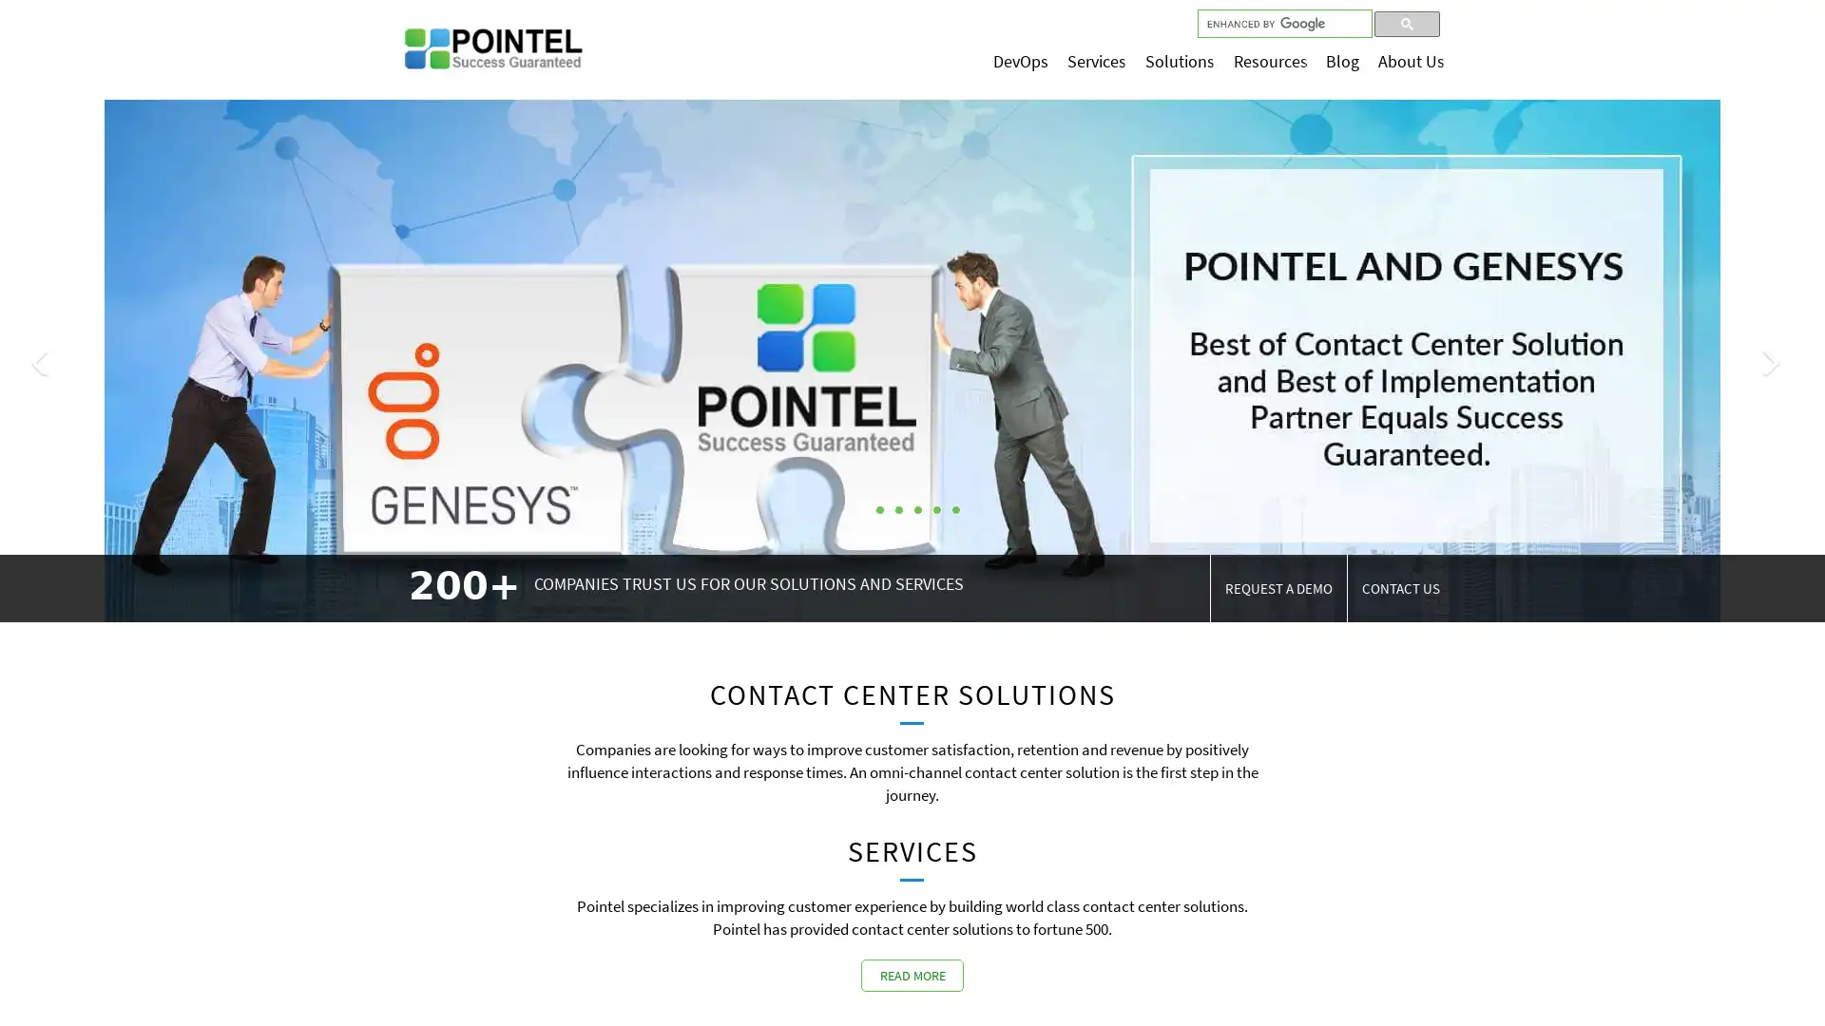 This screenshot has width=1825, height=1026. Describe the element at coordinates (1407, 23) in the screenshot. I see `search` at that location.